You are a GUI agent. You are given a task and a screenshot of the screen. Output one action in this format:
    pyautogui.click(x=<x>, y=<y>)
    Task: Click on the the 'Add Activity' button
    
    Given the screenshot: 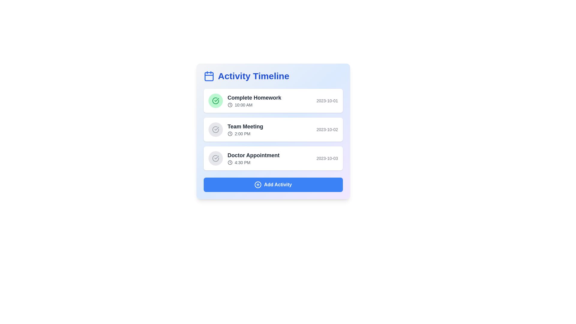 What is the action you would take?
    pyautogui.click(x=273, y=184)
    